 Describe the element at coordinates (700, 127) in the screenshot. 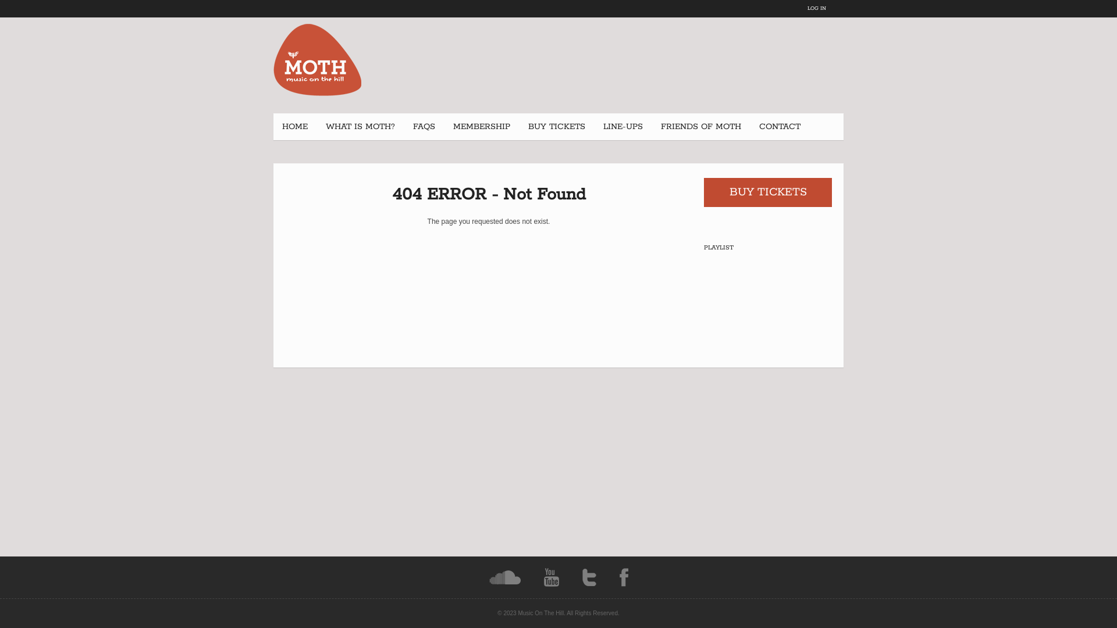

I see `'FRIENDS OF MOTH'` at that location.